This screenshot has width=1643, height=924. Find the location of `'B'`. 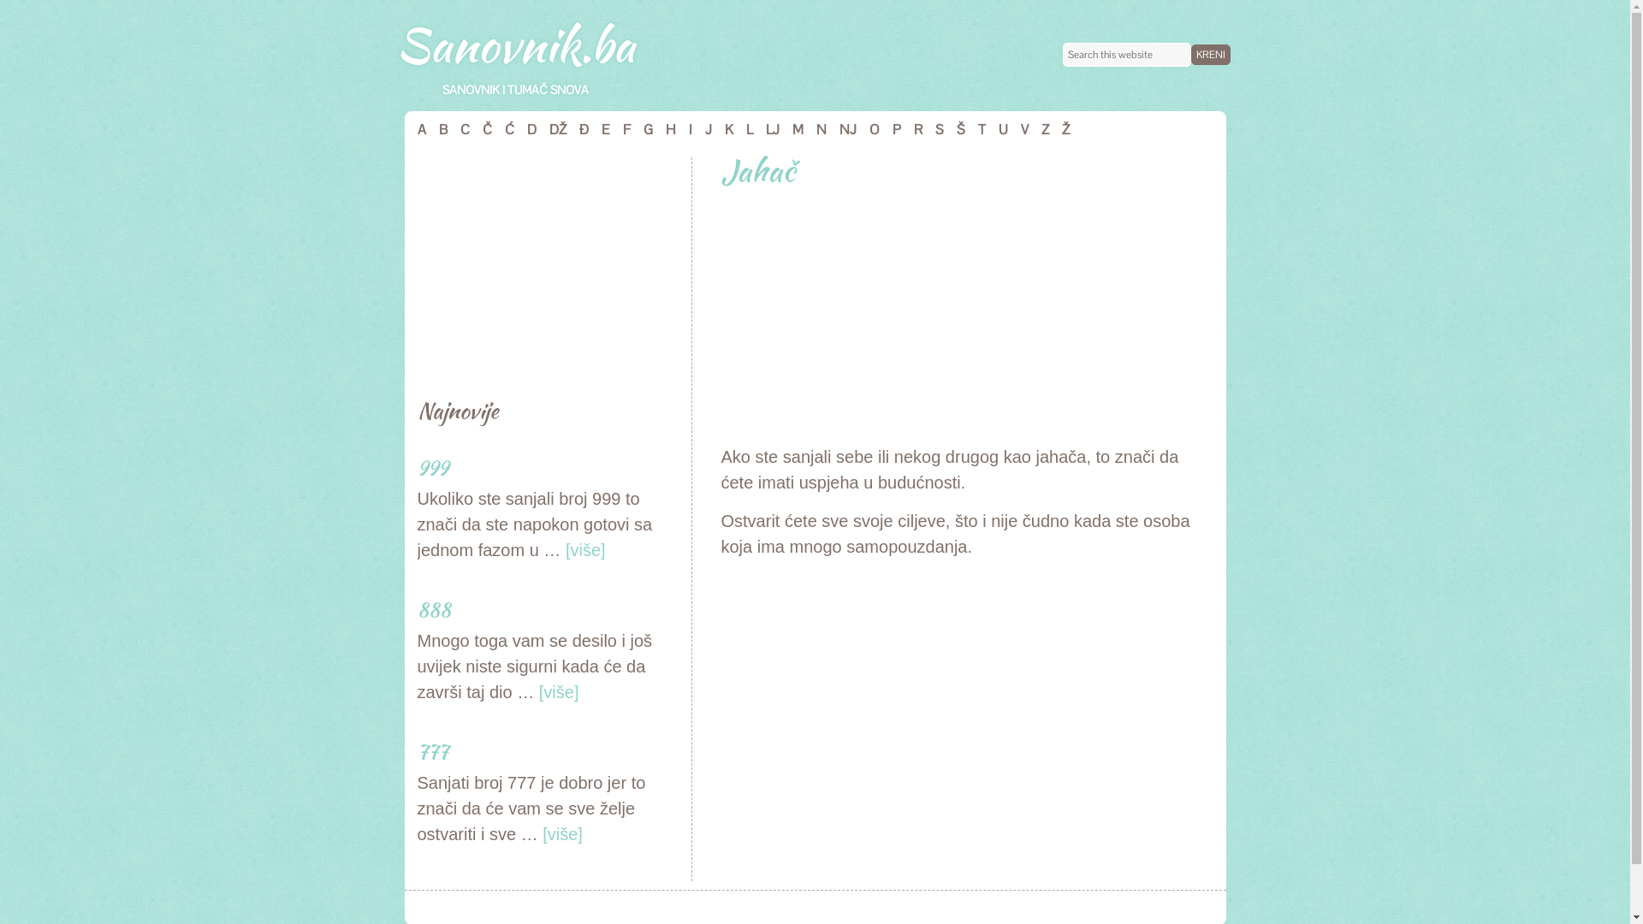

'B' is located at coordinates (436, 128).